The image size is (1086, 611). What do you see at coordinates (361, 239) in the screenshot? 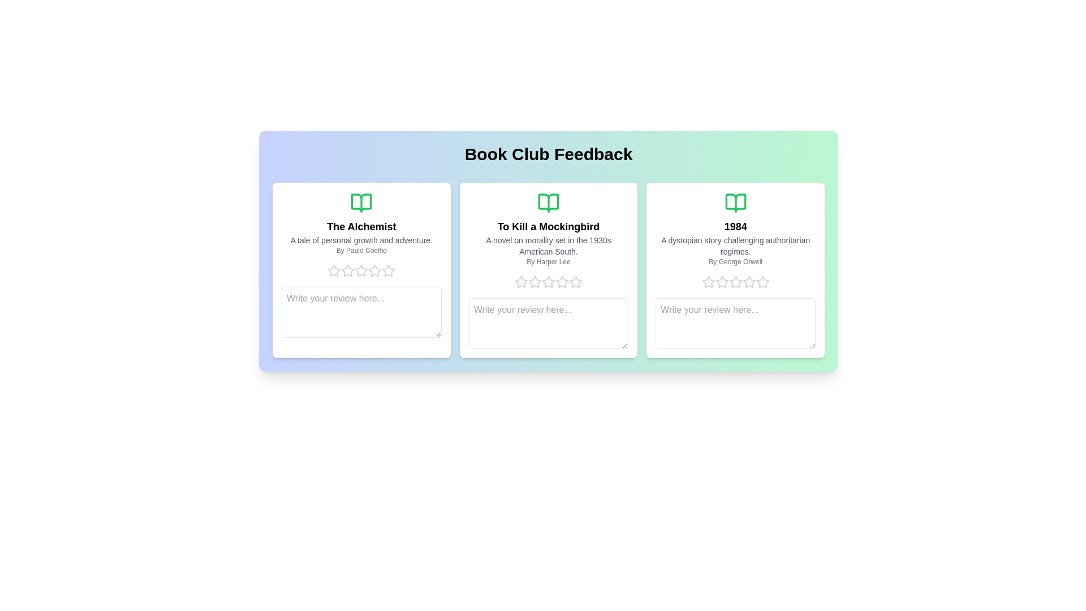
I see `the static text element that serves as a tagline for the book 'The Alchemist', which is positioned centrally under the title in the first card among three horizontally arranged cards` at bounding box center [361, 239].